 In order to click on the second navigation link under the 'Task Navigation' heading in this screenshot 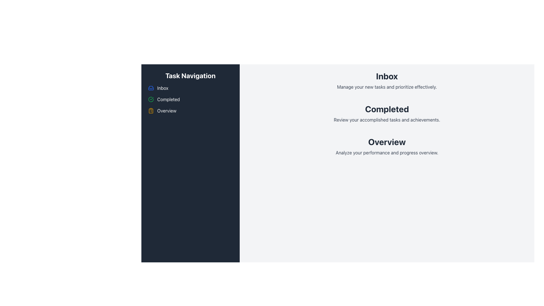, I will do `click(168, 99)`.